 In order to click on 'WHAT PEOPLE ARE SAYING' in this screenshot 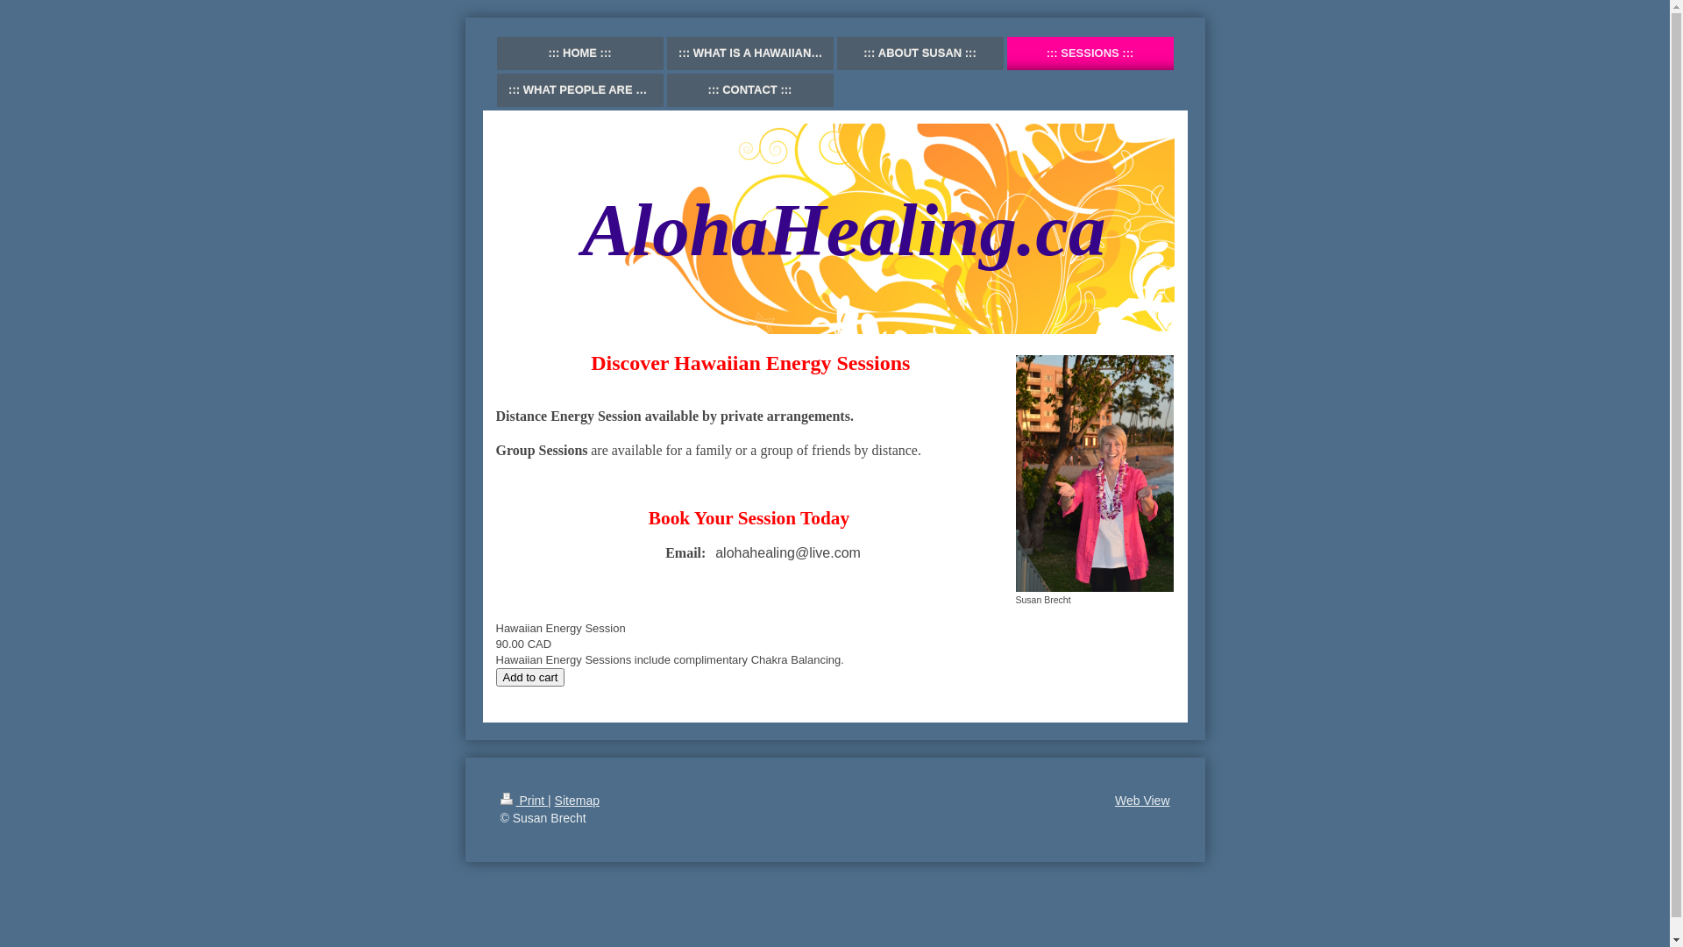, I will do `click(495, 90)`.